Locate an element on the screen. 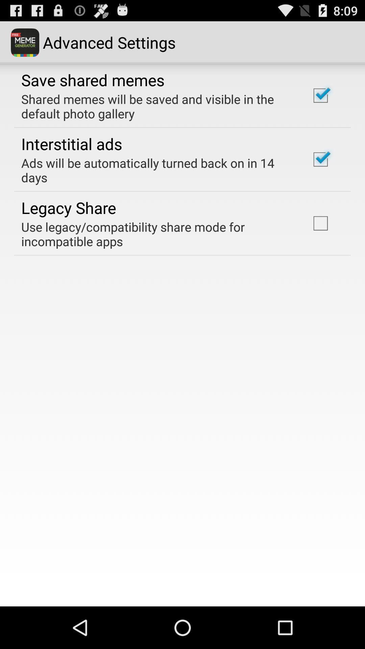  icon above ads will be app is located at coordinates (72, 143).